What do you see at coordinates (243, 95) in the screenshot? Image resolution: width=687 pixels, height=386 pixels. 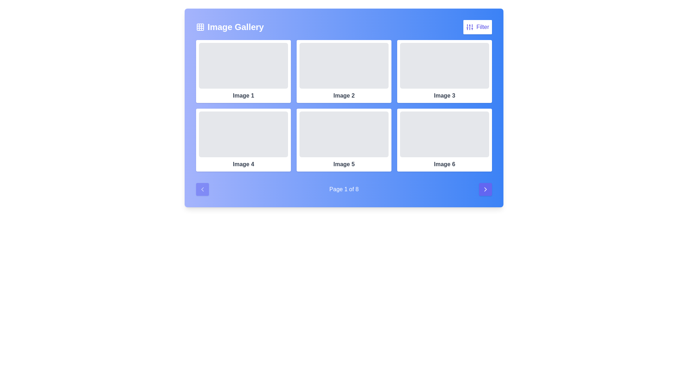 I see `the Text label that identifies the image placeholder in the first item of the gallery grid` at bounding box center [243, 95].